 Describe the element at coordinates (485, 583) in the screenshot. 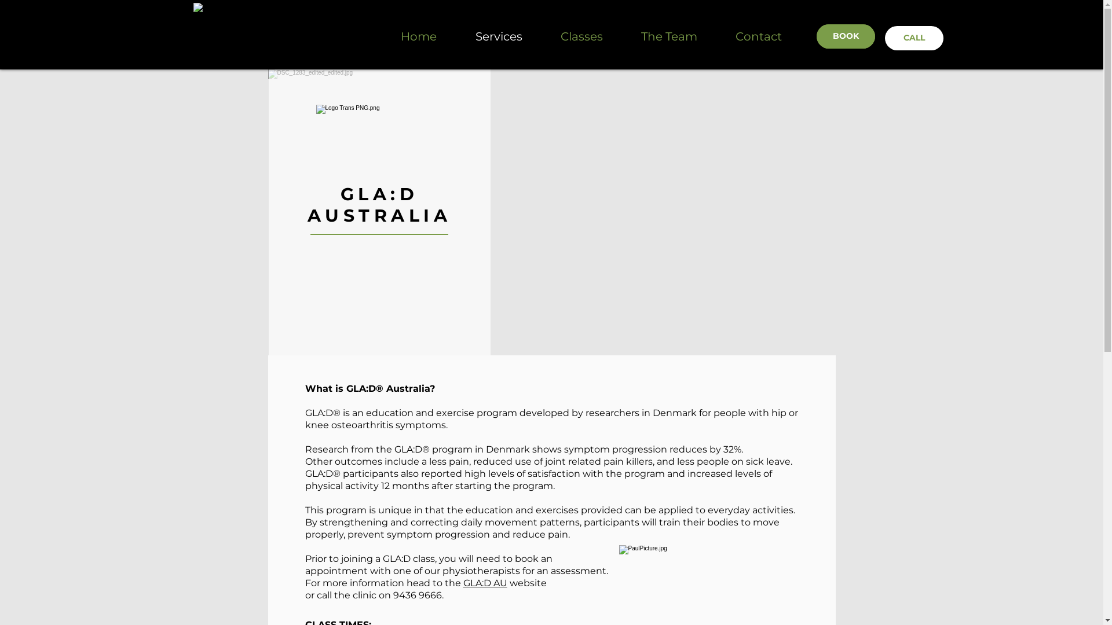

I see `'GLA:D AU'` at that location.